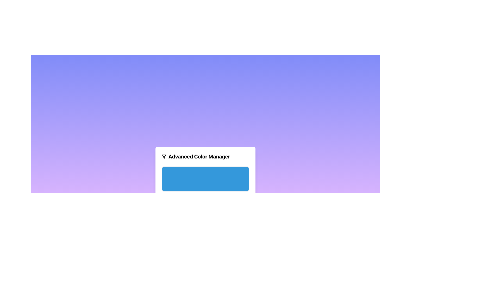  Describe the element at coordinates (164, 156) in the screenshot. I see `the icon positioned to the left of the text 'Advanced Color Manager'` at that location.